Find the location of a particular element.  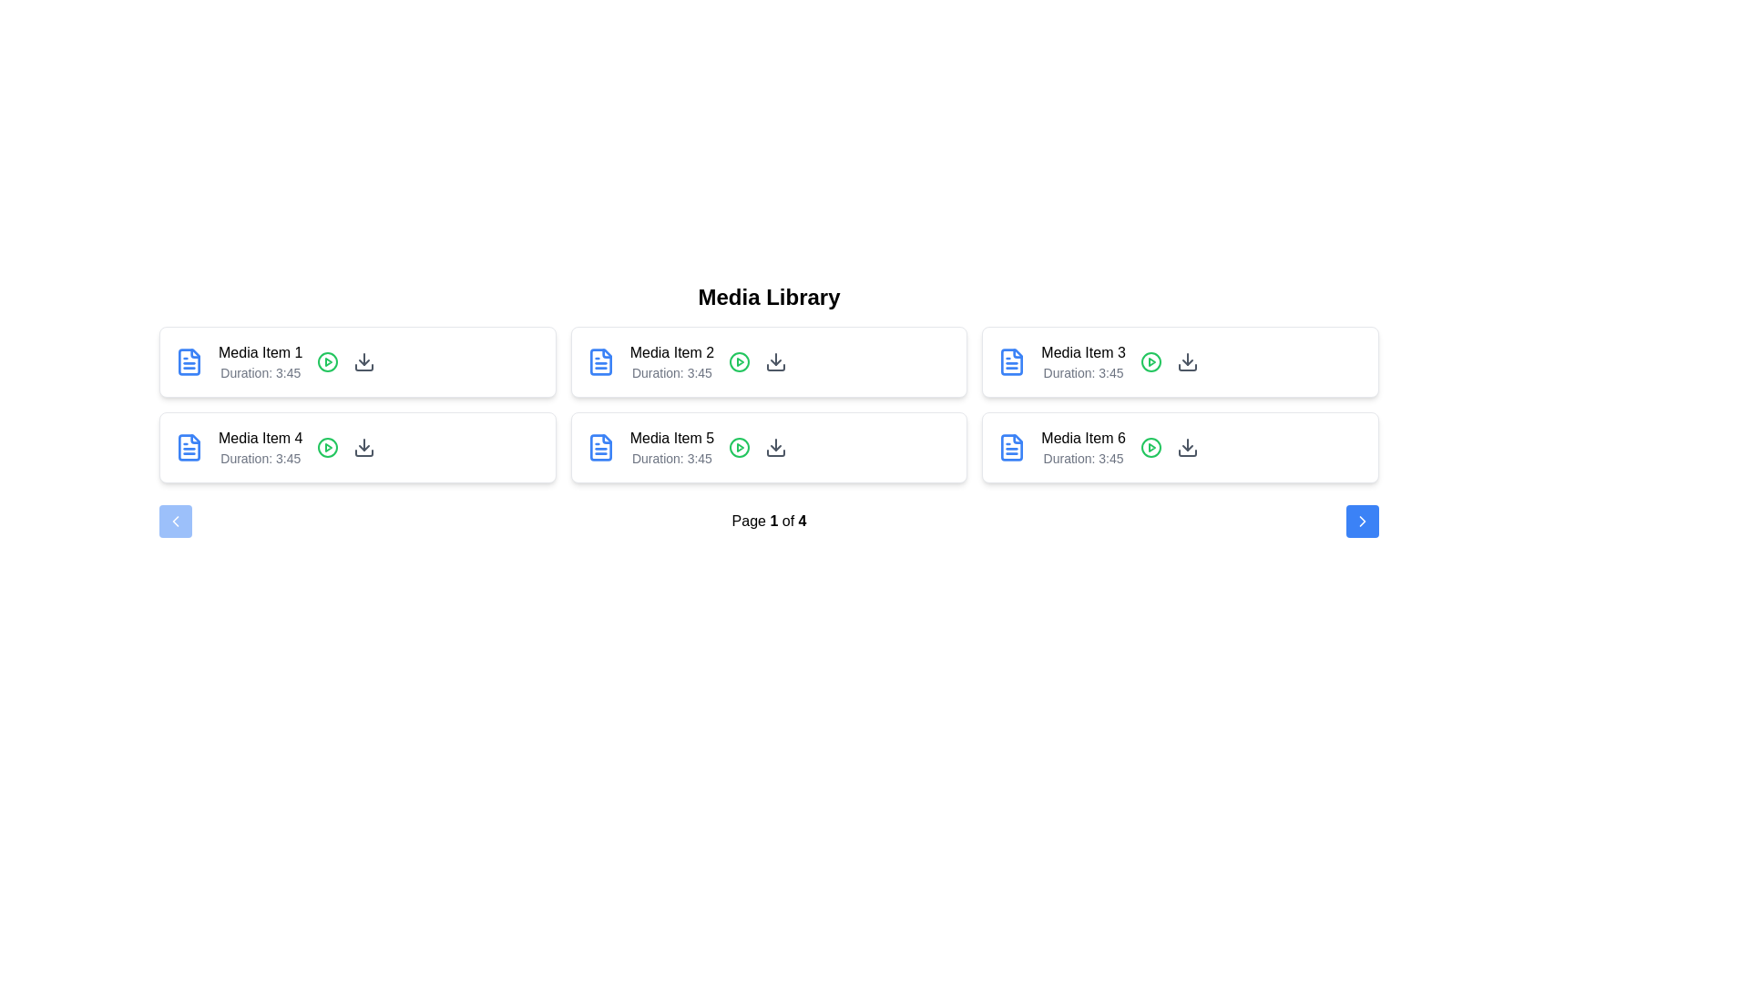

the play button for 'Media Item 5' located in the second row, second column of the grid layout, positioned between the title and the download button is located at coordinates (740, 448).